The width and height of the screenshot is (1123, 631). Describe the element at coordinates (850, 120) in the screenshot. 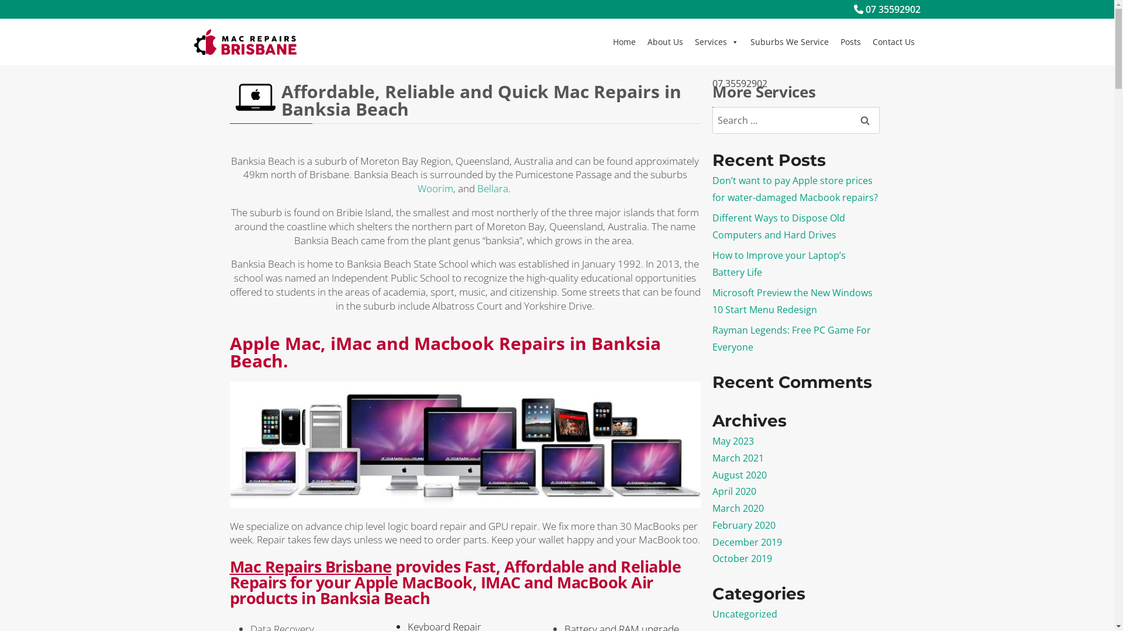

I see `'Search'` at that location.